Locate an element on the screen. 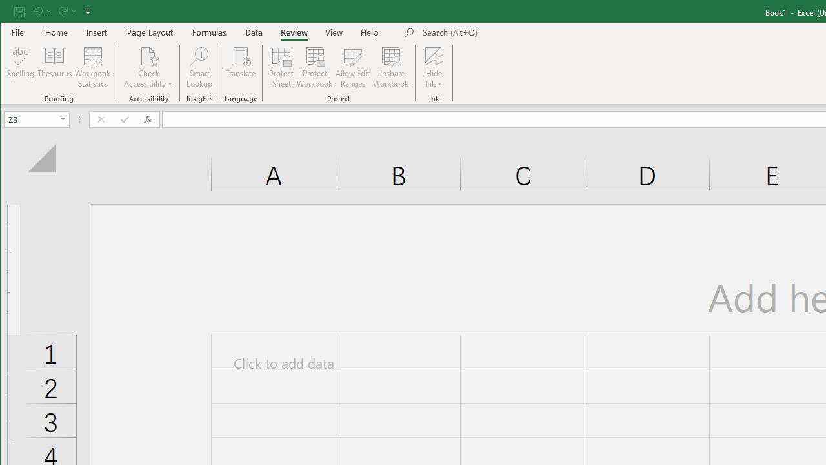 This screenshot has height=465, width=826. 'Undo' is located at coordinates (37, 11).